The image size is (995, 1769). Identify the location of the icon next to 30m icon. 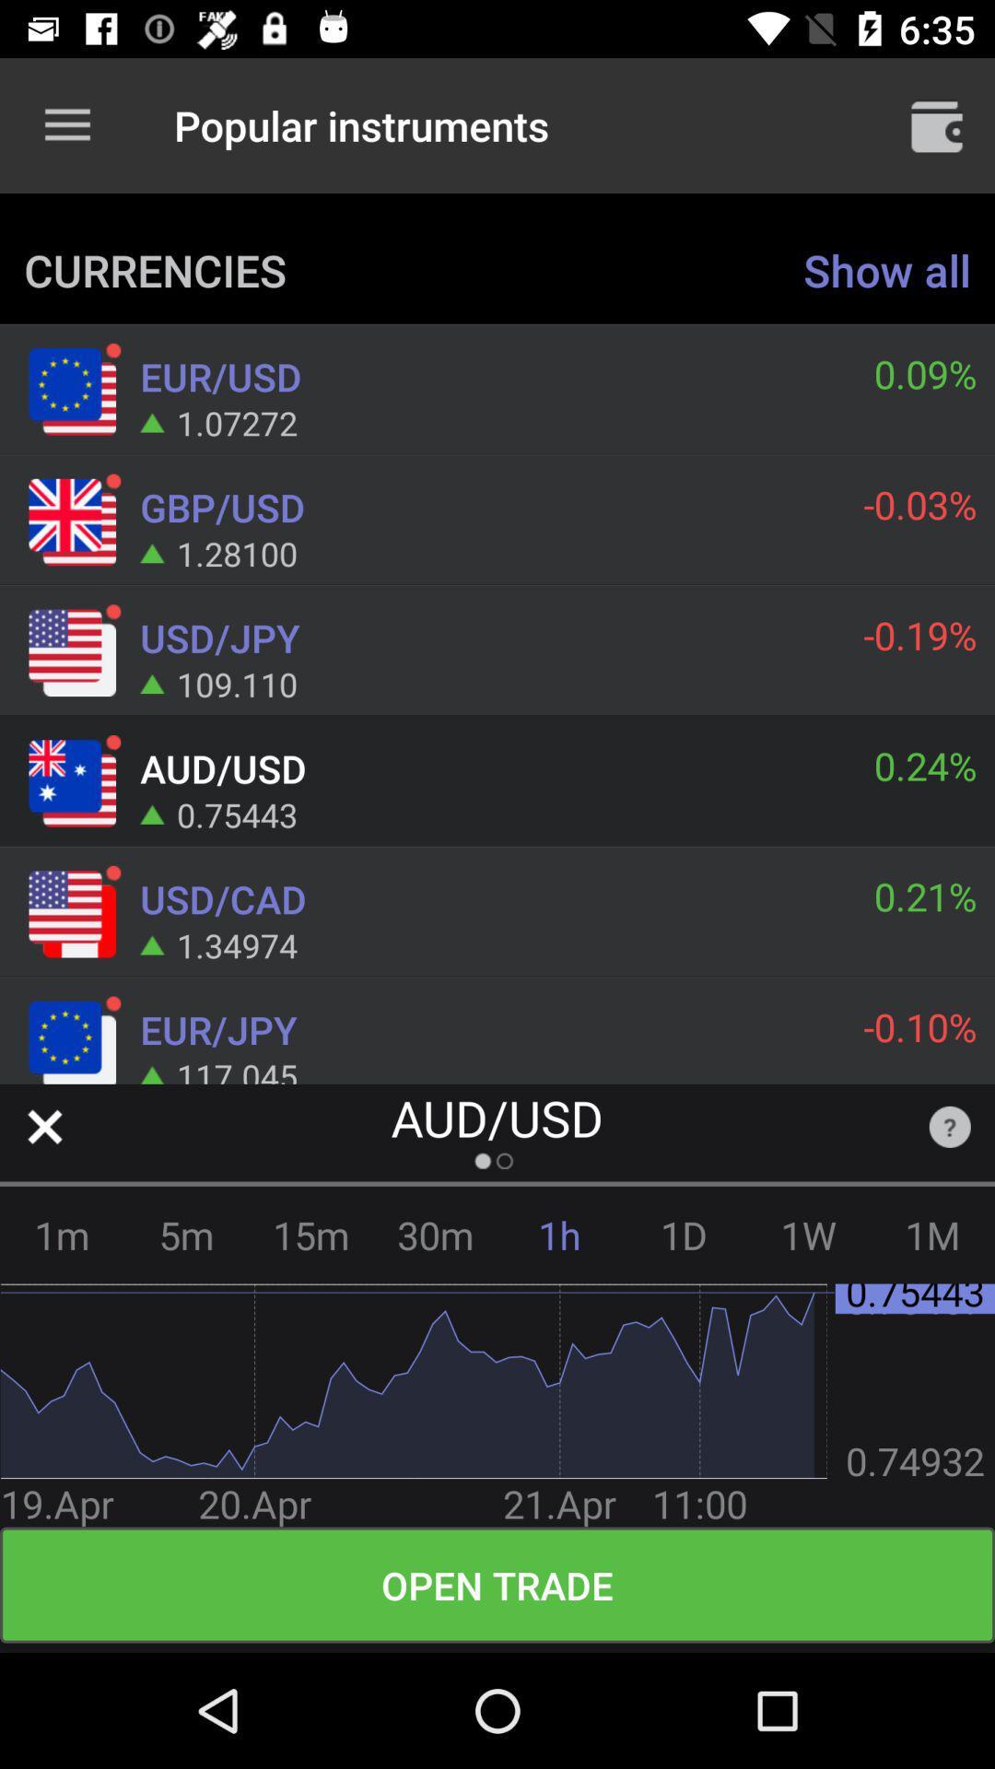
(310, 1235).